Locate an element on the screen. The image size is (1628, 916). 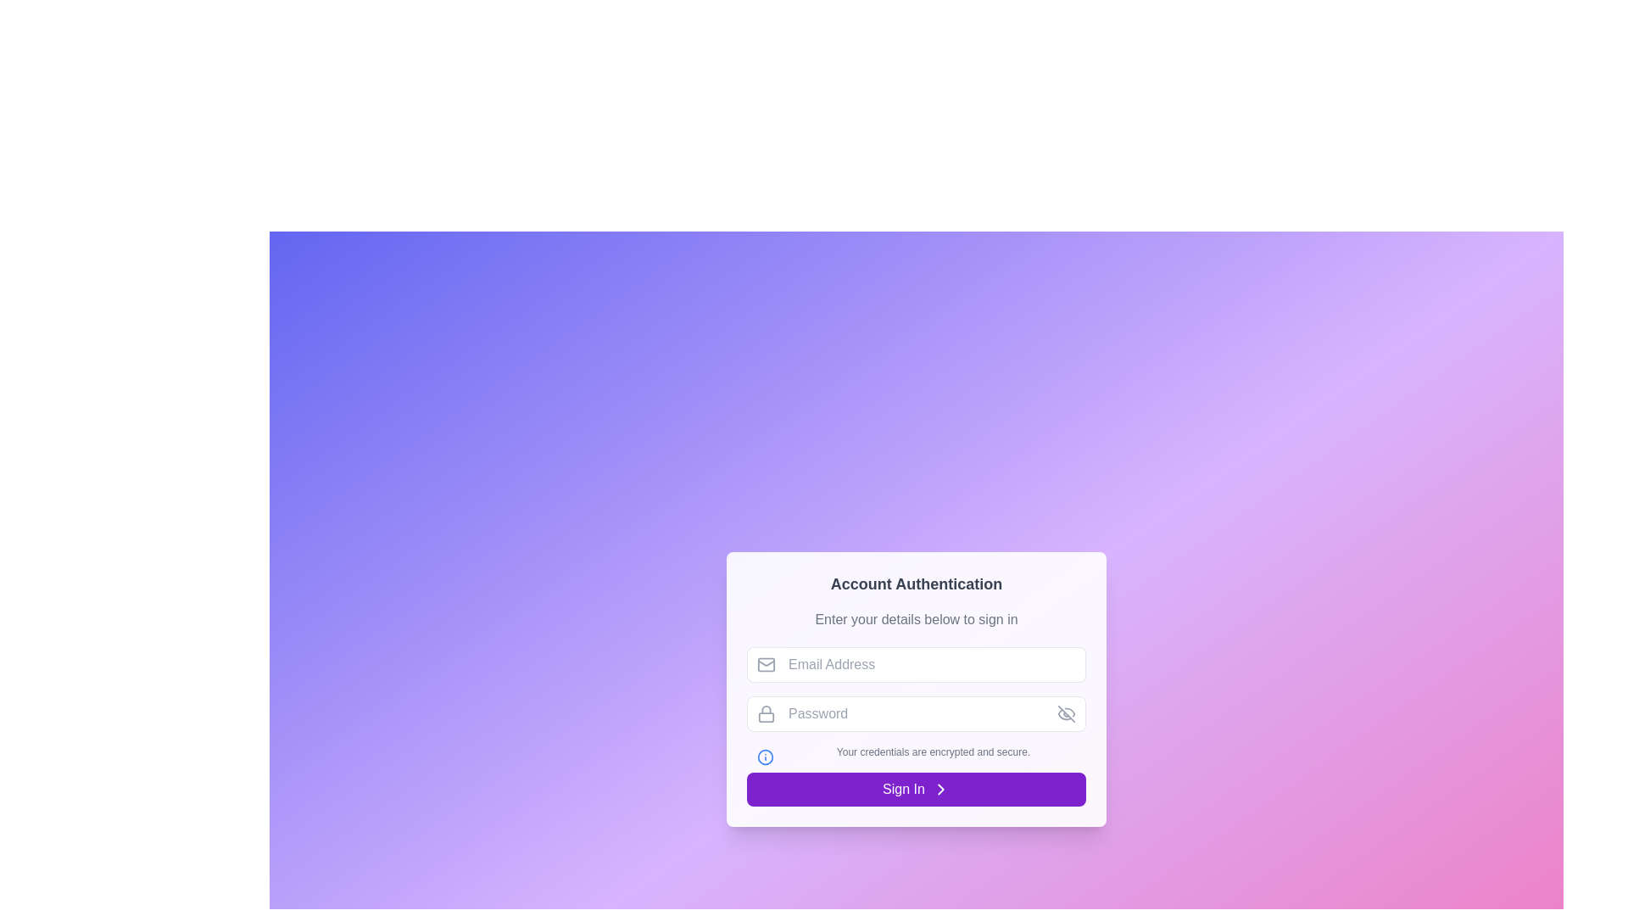
the white arrow icon located at the far right side of the purple 'Sign In' button, which is positioned near the bottom center of the login form is located at coordinates (939, 789).